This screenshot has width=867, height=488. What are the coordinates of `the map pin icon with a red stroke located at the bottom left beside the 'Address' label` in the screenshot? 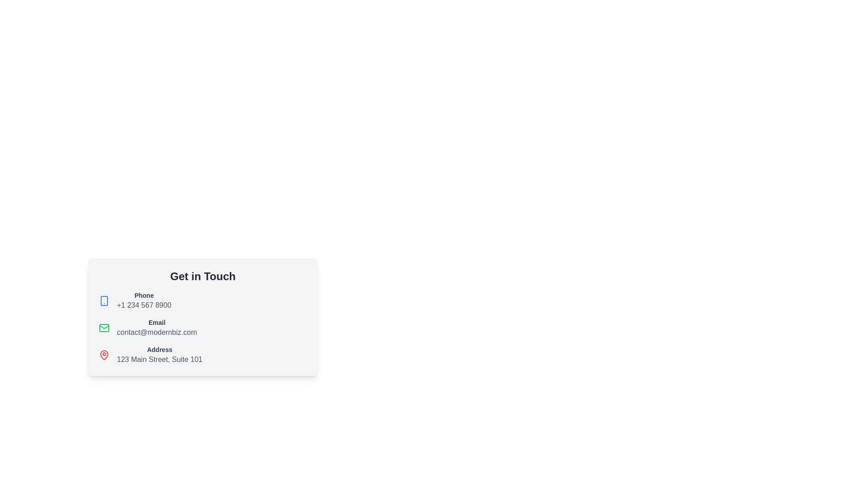 It's located at (104, 354).